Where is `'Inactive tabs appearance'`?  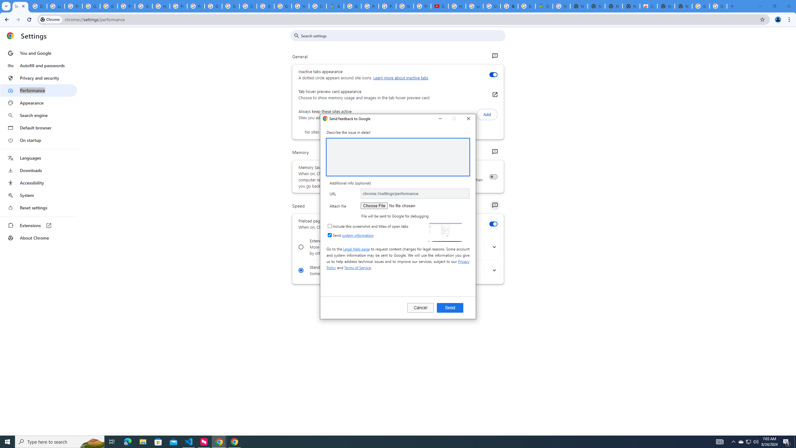
'Inactive tabs appearance' is located at coordinates (493, 75).